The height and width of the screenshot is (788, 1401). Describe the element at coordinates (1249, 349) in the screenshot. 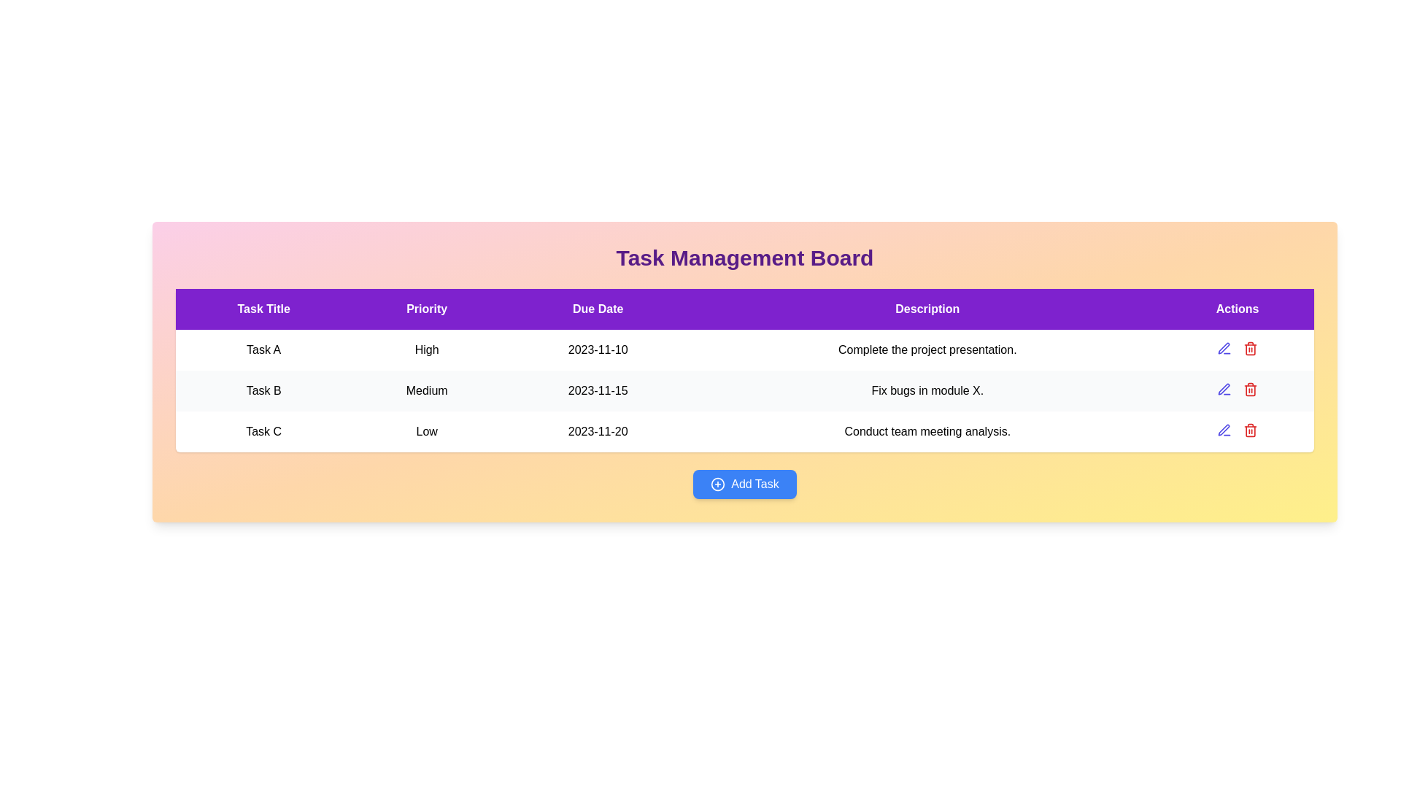

I see `the red trash can icon representing the delete action, located` at that location.